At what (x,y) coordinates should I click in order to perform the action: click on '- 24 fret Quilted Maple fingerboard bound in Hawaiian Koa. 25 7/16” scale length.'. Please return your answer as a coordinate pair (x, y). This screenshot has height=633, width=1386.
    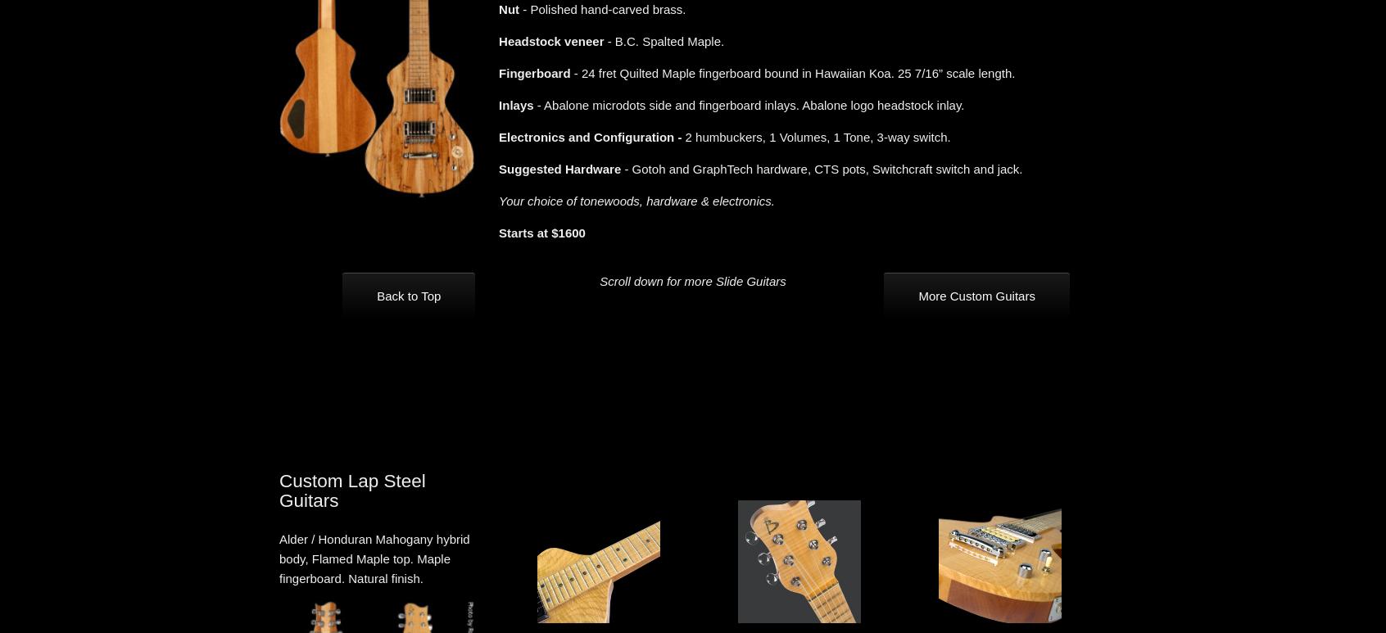
    Looking at the image, I should click on (792, 73).